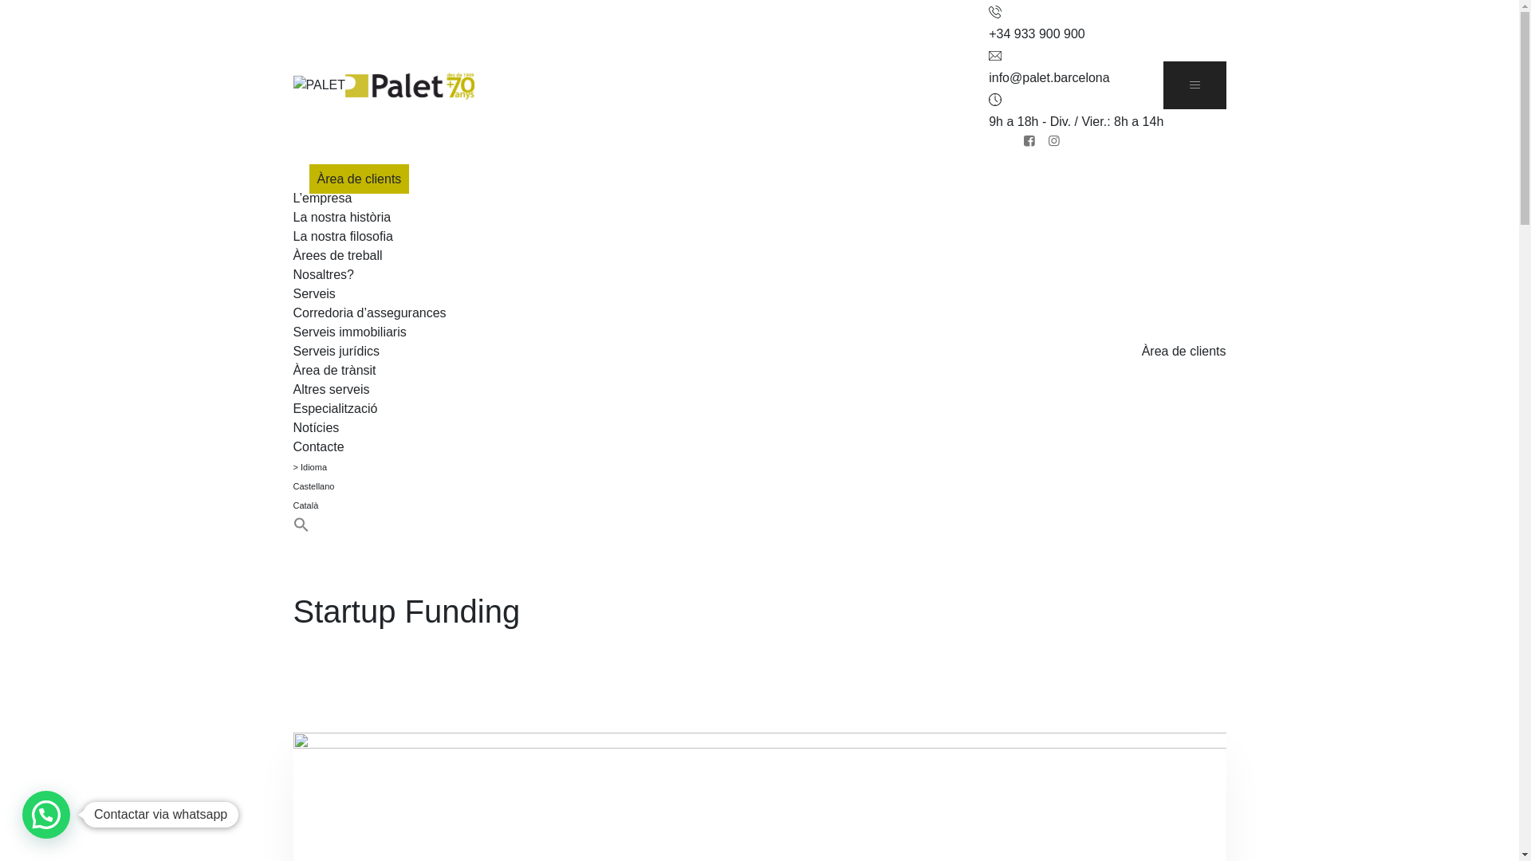 This screenshot has width=1531, height=861. I want to click on 'Castellano', so click(313, 485).